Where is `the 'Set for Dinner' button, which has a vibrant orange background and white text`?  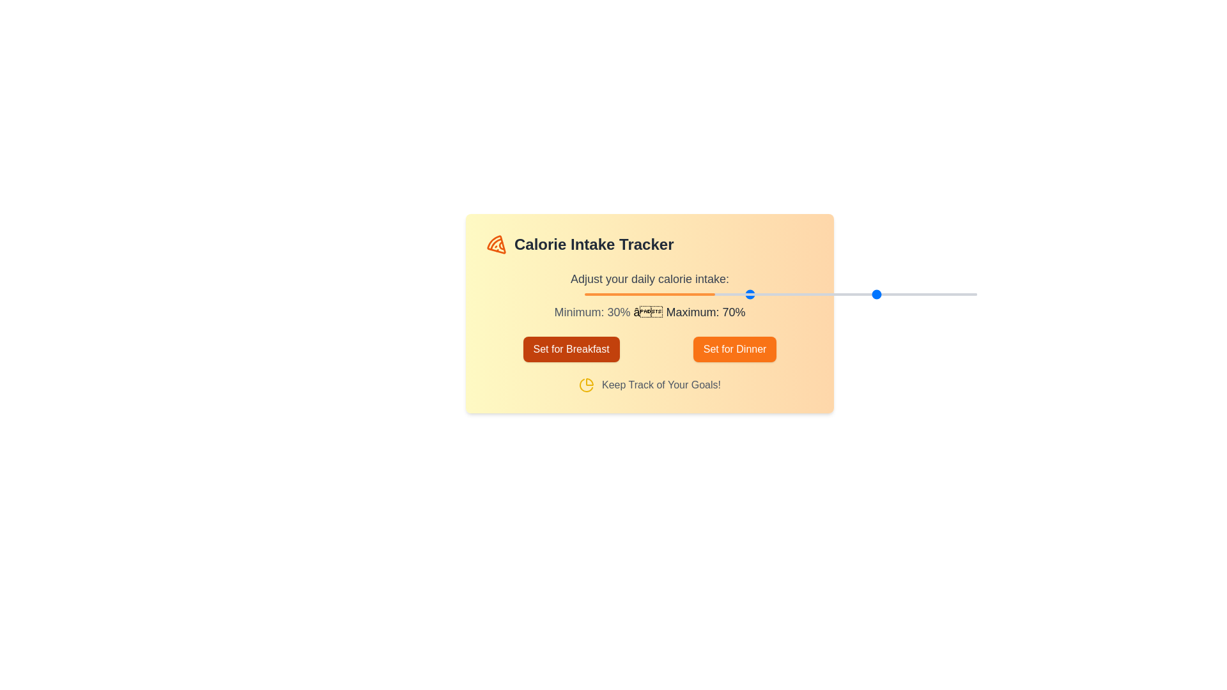
the 'Set for Dinner' button, which has a vibrant orange background and white text is located at coordinates (735, 349).